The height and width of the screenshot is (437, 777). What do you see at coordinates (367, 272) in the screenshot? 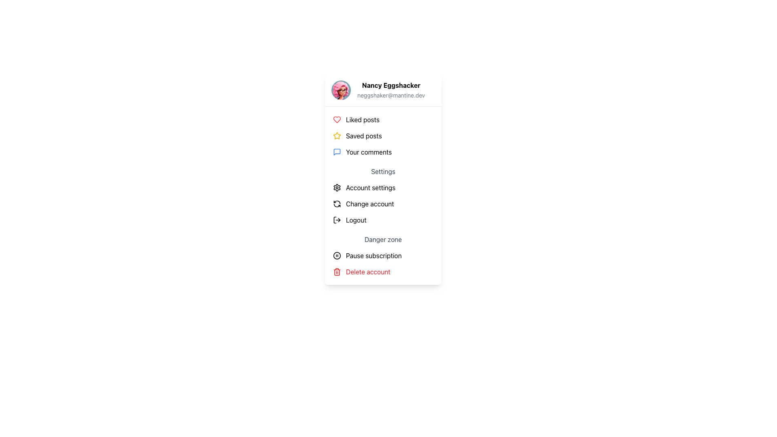
I see `the 'Delete account' text label, which is displayed in red and located at the bottom of the vertical action menu under the 'Danger zone' section` at bounding box center [367, 272].